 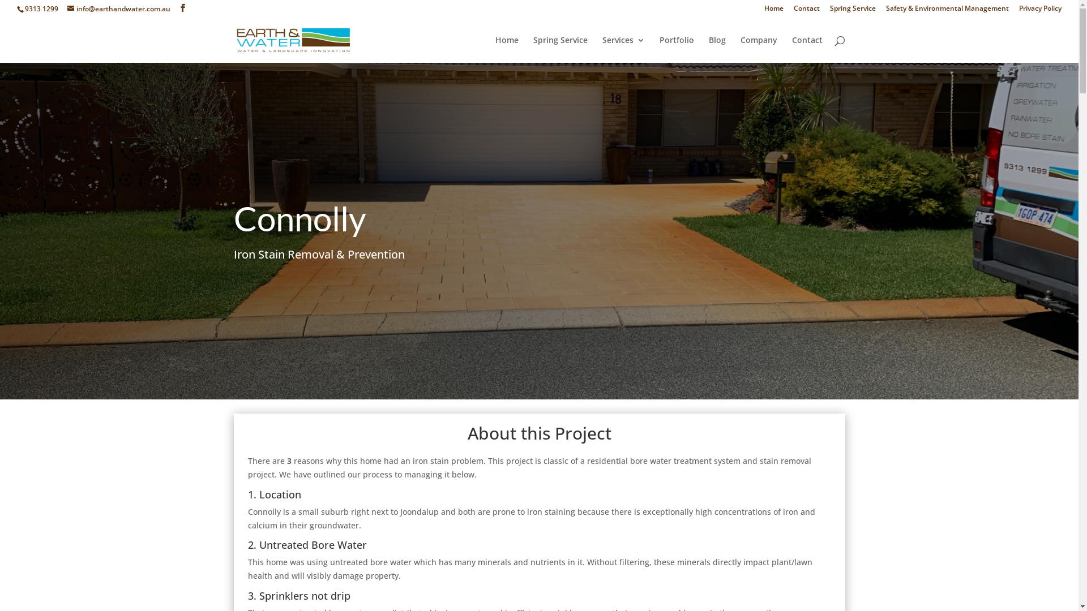 I want to click on 'Company', so click(x=741, y=49).